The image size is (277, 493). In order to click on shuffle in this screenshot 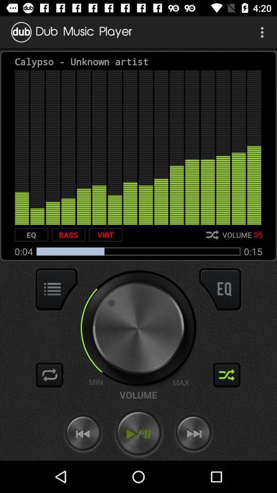, I will do `click(227, 374)`.